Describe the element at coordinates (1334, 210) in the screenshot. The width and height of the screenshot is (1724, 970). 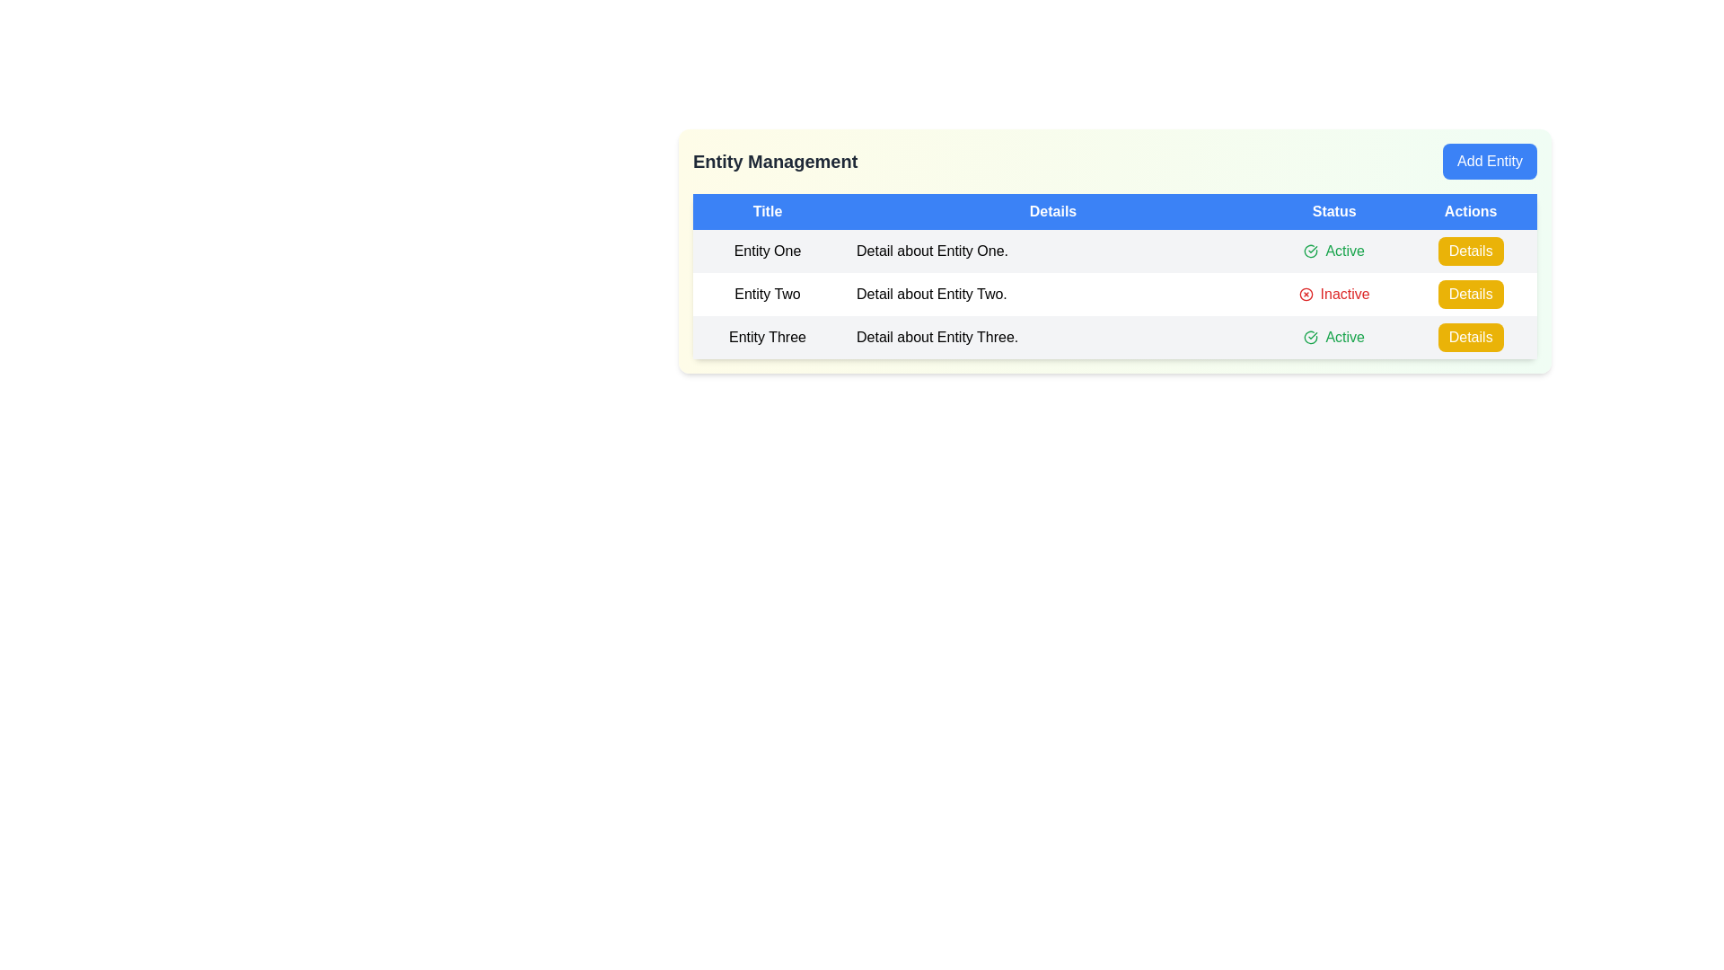
I see `the third header cell in the table that indicates status-related information for the entries, located between the 'Details' and 'Actions' cells` at that location.